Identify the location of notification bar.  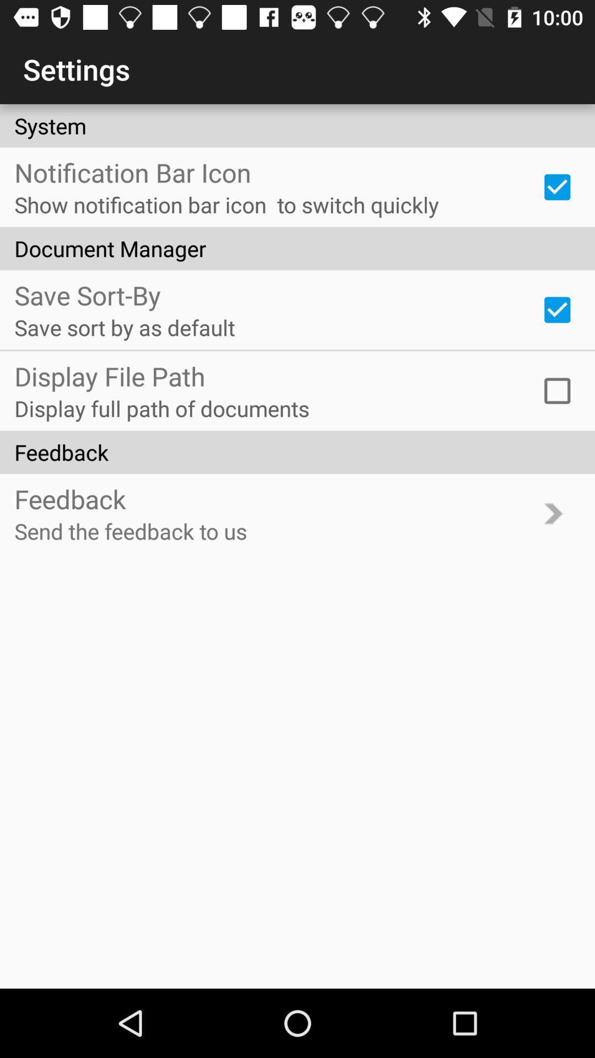
(557, 187).